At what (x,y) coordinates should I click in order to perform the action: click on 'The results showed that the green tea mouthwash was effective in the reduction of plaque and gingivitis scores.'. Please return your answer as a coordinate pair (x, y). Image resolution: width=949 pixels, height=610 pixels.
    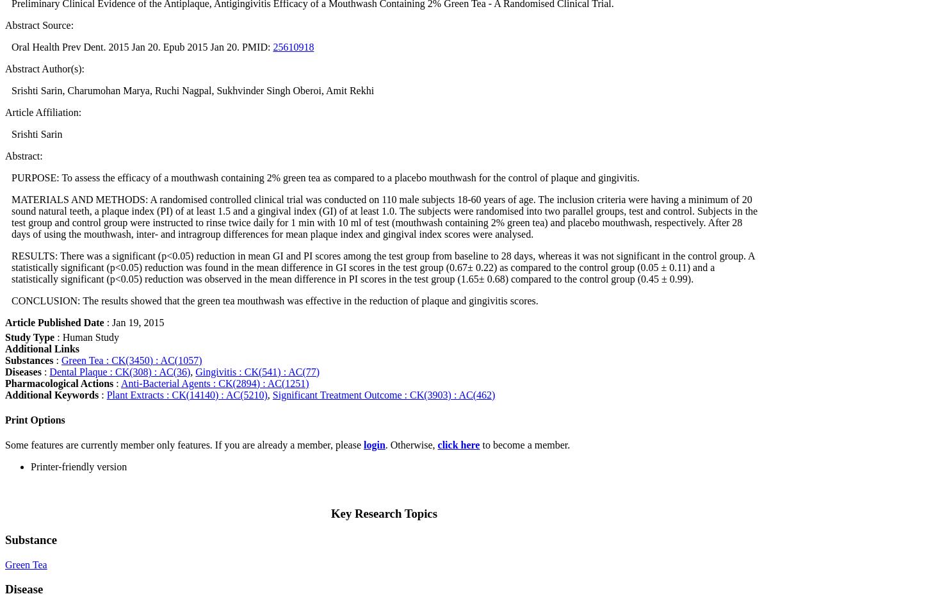
    Looking at the image, I should click on (309, 300).